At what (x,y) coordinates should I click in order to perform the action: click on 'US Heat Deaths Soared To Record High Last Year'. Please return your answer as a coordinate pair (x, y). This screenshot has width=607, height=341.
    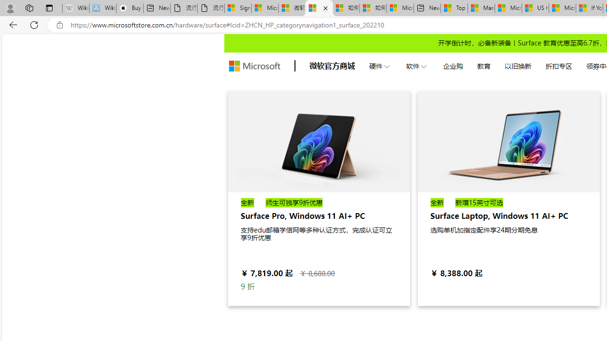
    Looking at the image, I should click on (535, 8).